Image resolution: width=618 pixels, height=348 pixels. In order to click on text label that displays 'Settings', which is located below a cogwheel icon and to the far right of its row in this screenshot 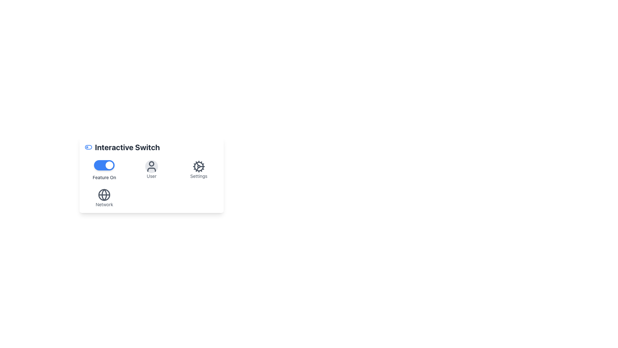, I will do `click(198, 176)`.